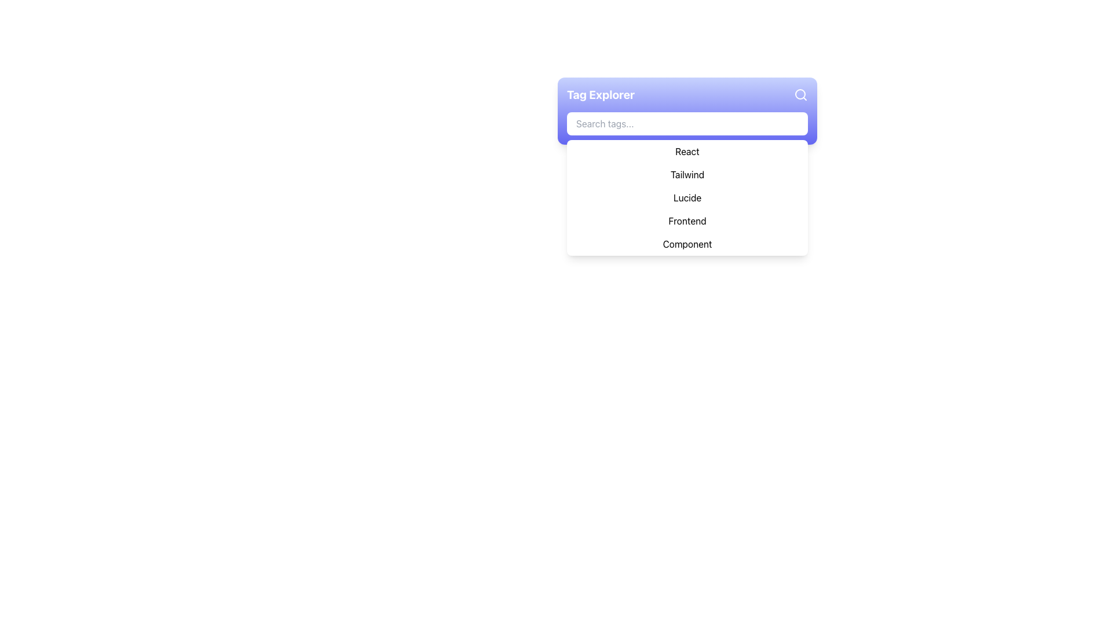 Image resolution: width=1112 pixels, height=625 pixels. Describe the element at coordinates (687, 174) in the screenshot. I see `the text-based selectable list item displaying 'Tailwind'` at that location.